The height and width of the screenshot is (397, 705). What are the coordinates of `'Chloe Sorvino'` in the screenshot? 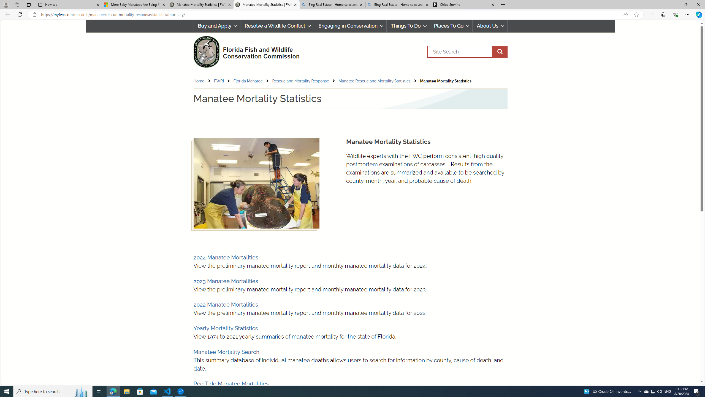 It's located at (463, 4).